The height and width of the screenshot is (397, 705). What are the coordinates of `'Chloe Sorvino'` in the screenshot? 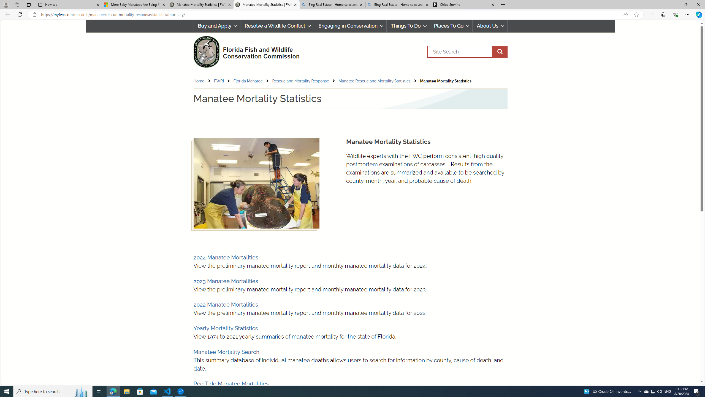 It's located at (463, 4).